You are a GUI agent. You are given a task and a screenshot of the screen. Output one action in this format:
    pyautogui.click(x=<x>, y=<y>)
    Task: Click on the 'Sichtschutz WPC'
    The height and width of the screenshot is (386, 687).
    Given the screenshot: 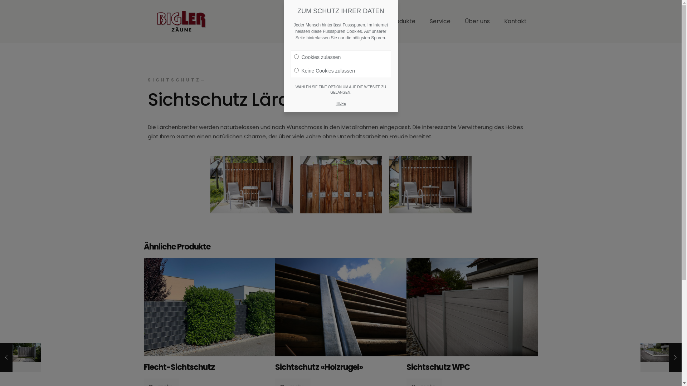 What is the action you would take?
    pyautogui.click(x=406, y=367)
    